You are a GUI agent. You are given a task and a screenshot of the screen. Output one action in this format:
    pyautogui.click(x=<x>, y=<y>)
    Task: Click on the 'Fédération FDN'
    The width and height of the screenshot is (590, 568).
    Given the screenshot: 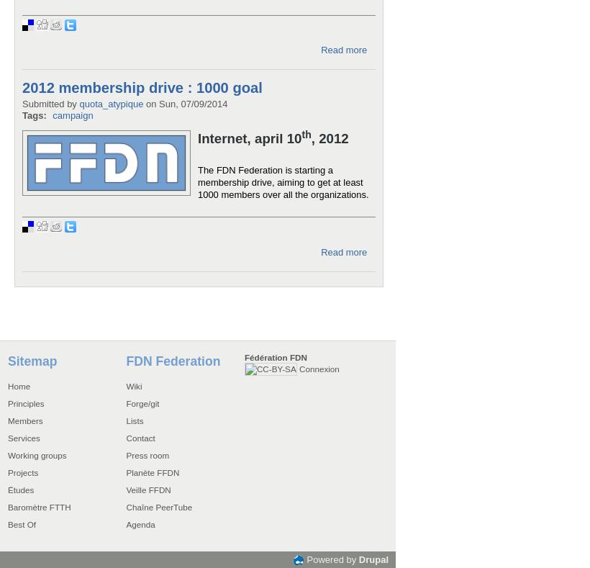 What is the action you would take?
    pyautogui.click(x=275, y=356)
    